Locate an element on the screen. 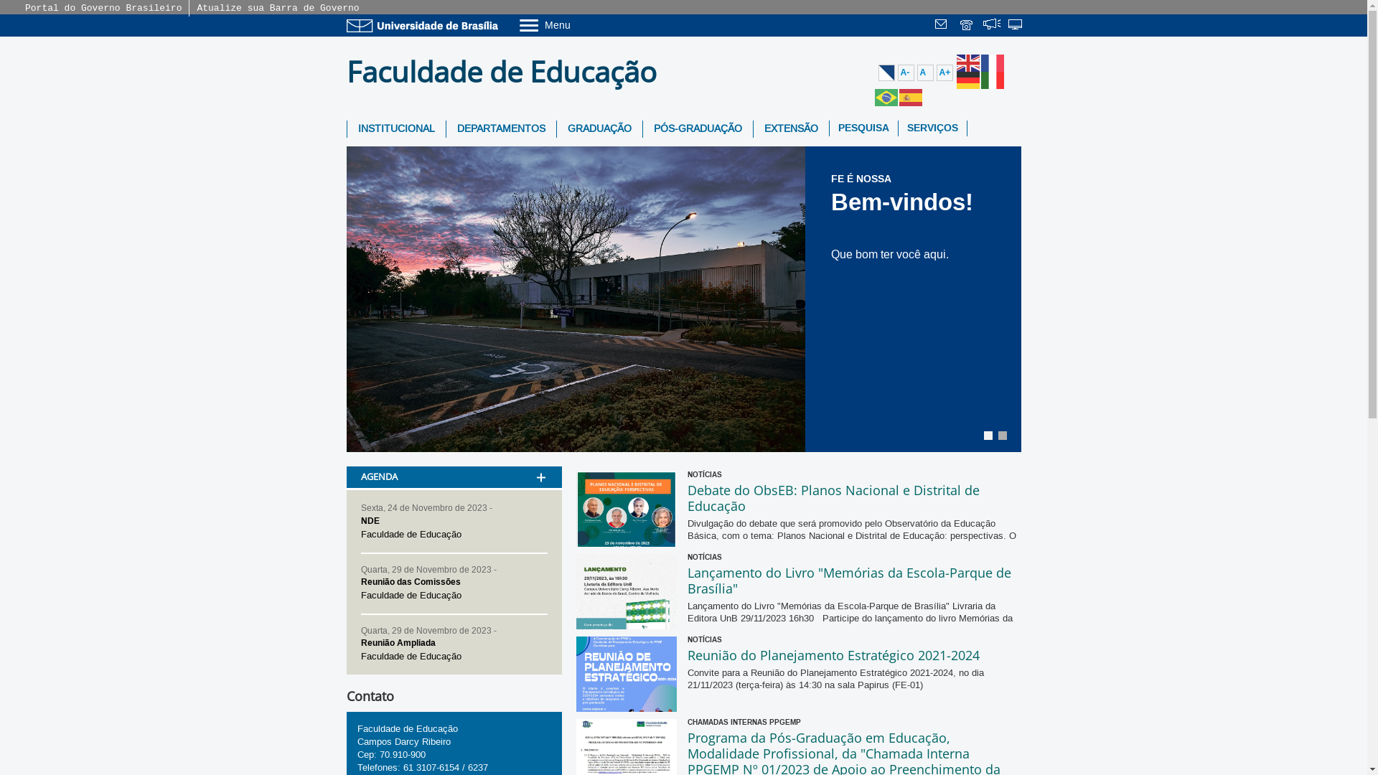 The width and height of the screenshot is (1378, 775). 'Sistemas' is located at coordinates (1016, 26).